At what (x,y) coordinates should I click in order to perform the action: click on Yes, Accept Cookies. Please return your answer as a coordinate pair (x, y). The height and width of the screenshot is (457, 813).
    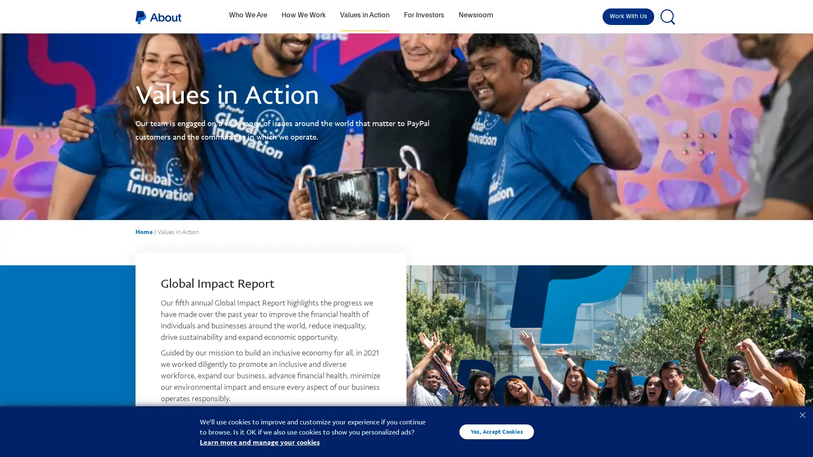
    Looking at the image, I should click on (496, 431).